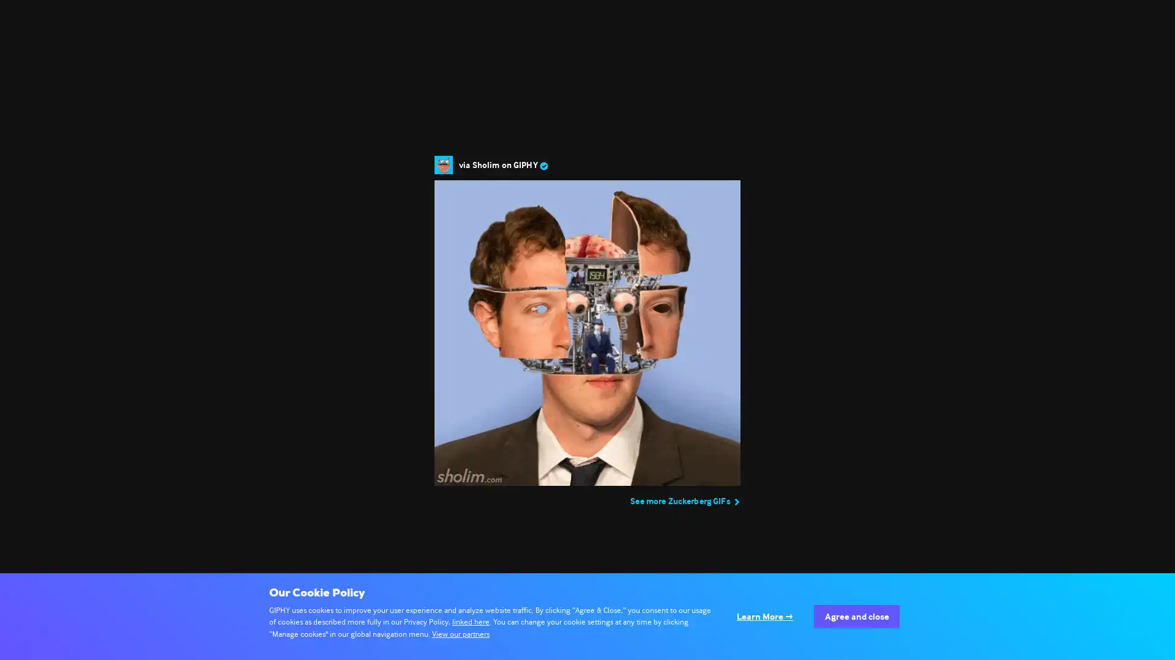  I want to click on View our partners, so click(460, 632).